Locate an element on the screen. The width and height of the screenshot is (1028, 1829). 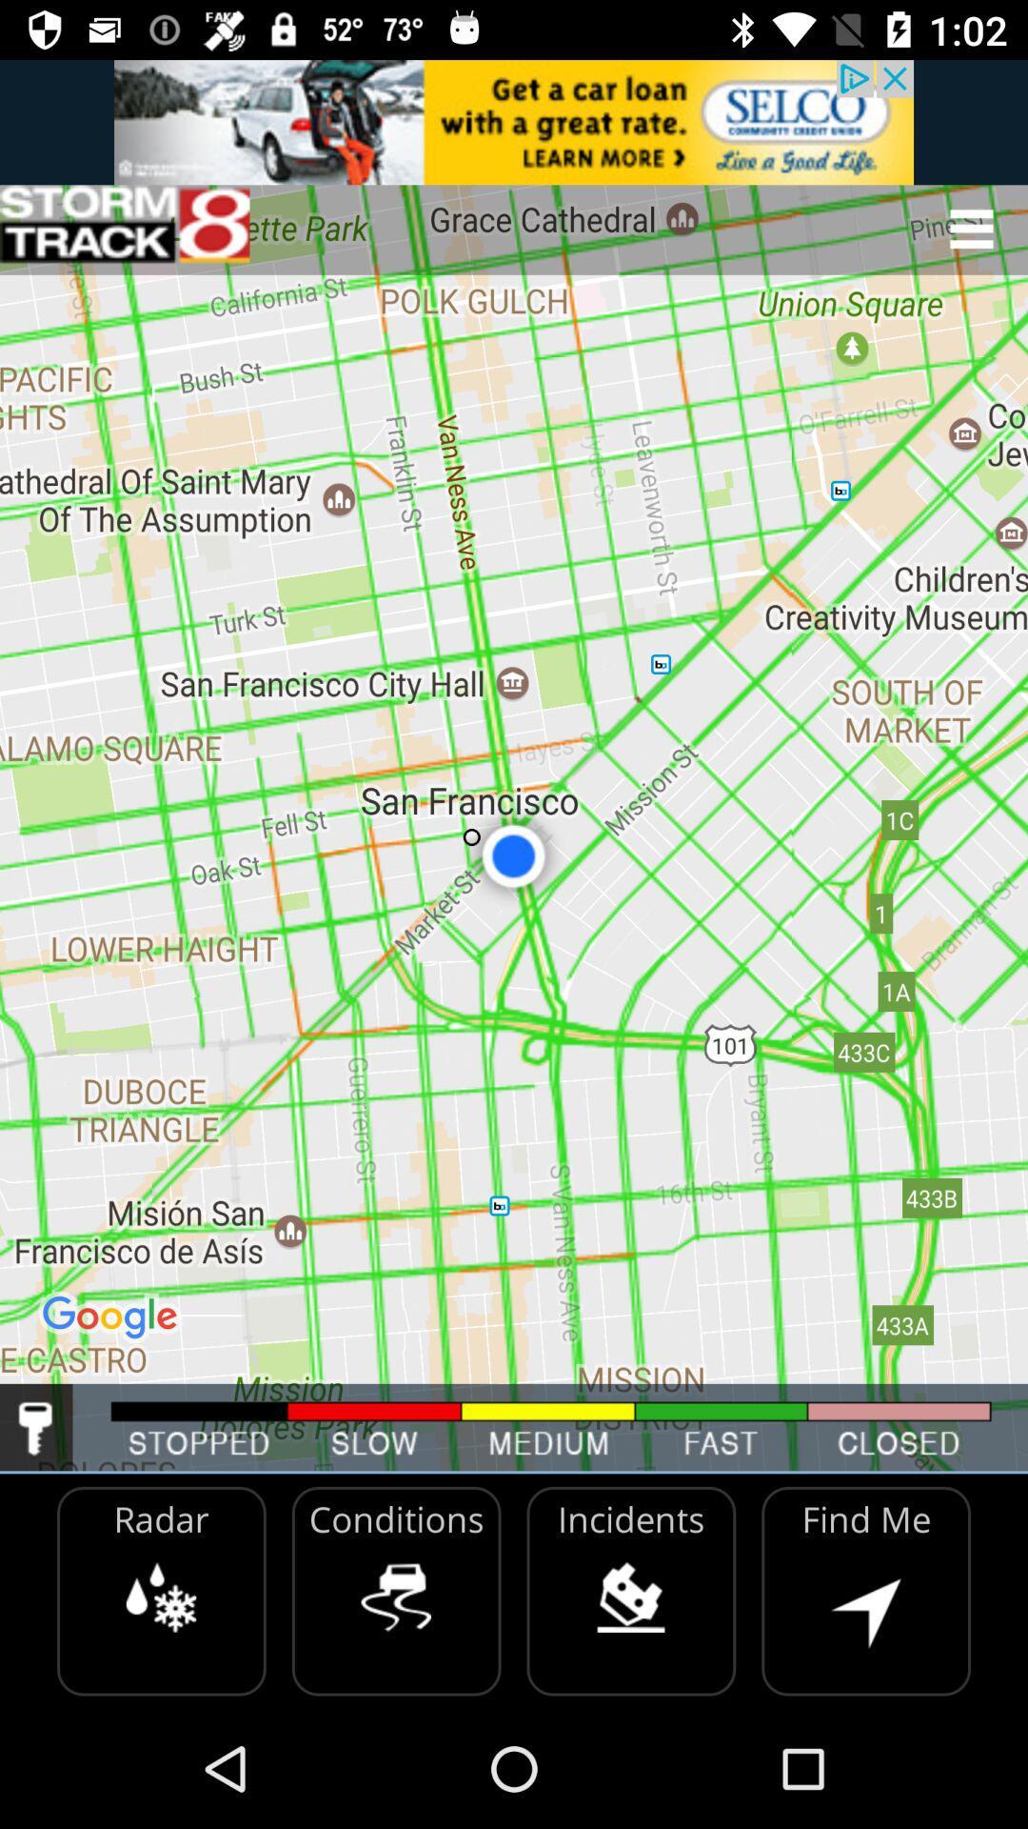
home is located at coordinates (125, 229).